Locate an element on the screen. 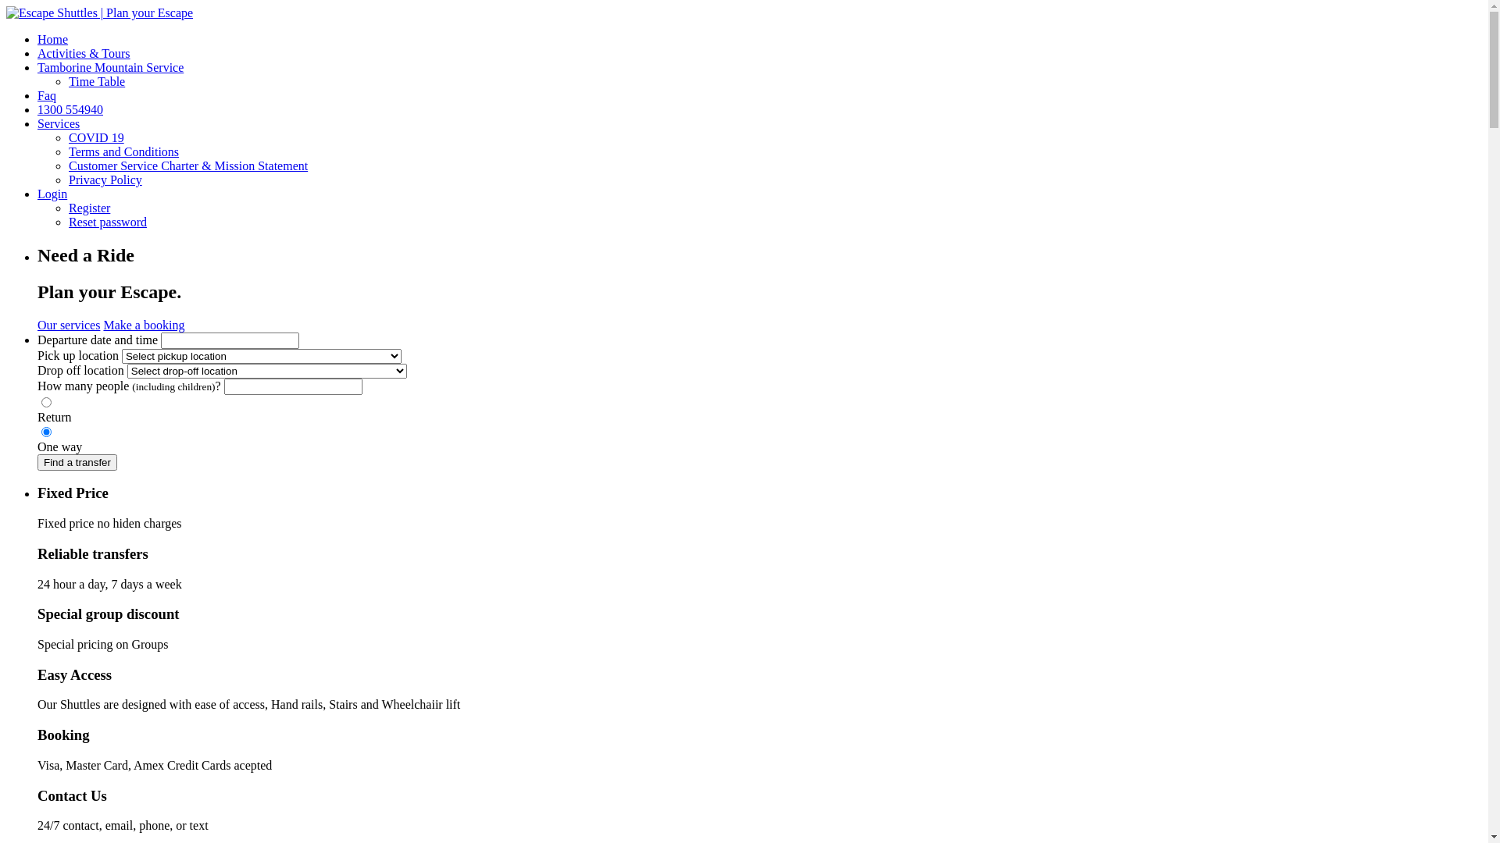  'Privacy Policy' is located at coordinates (104, 179).